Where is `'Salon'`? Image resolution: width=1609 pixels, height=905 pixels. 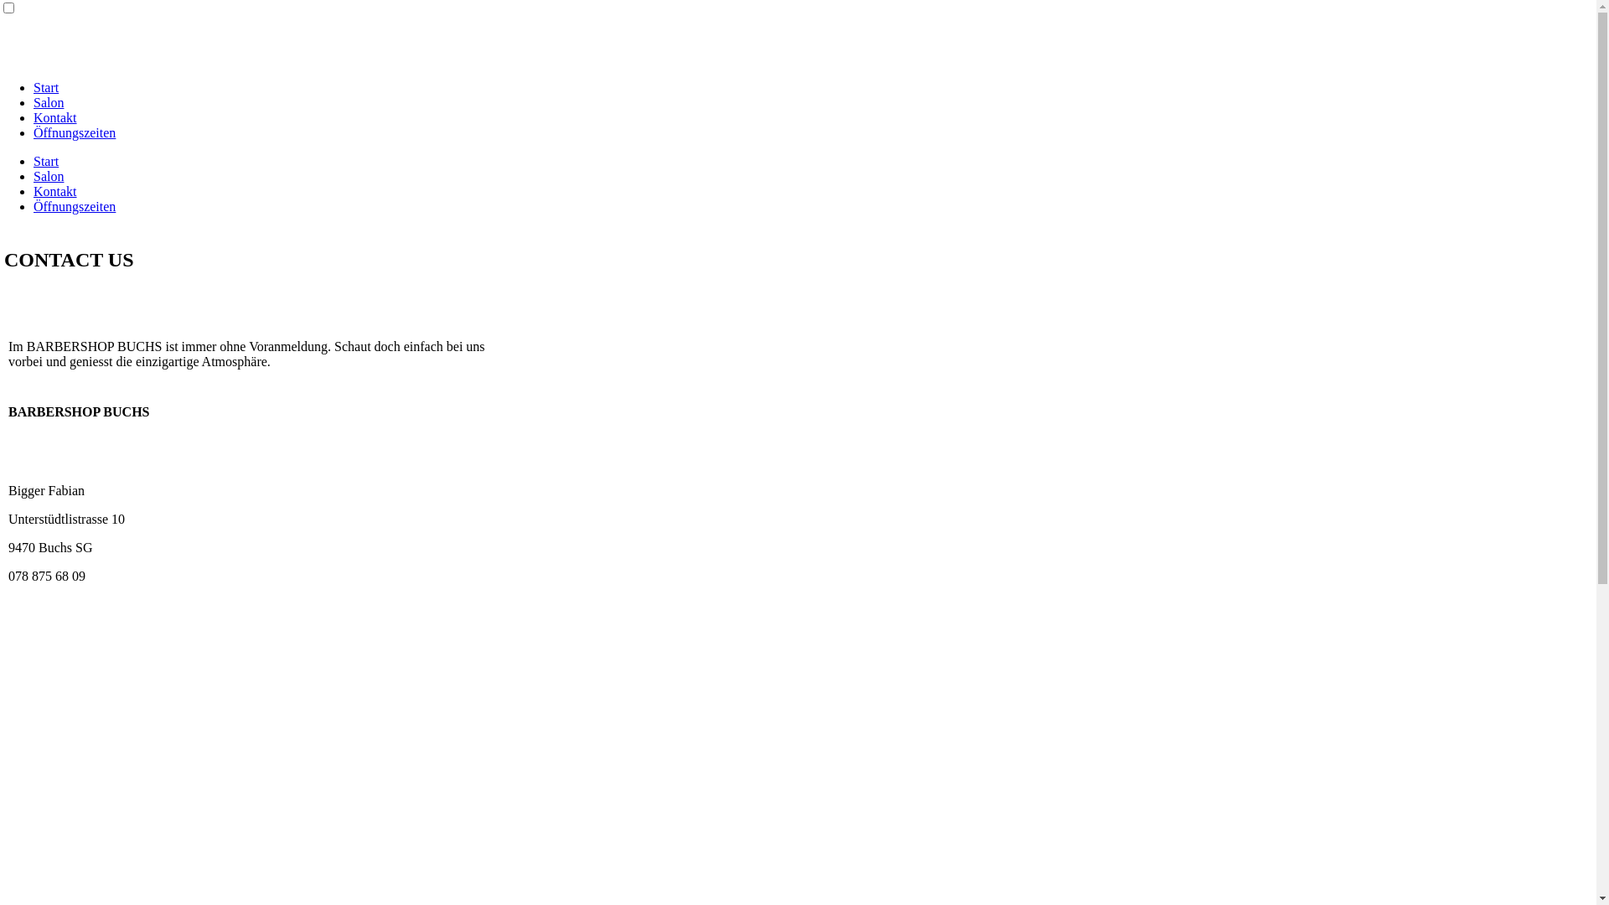
'Salon' is located at coordinates (48, 176).